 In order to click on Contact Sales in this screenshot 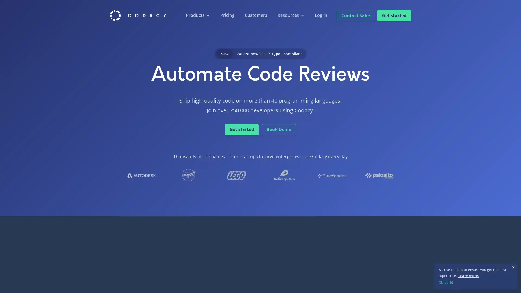, I will do `click(356, 15)`.